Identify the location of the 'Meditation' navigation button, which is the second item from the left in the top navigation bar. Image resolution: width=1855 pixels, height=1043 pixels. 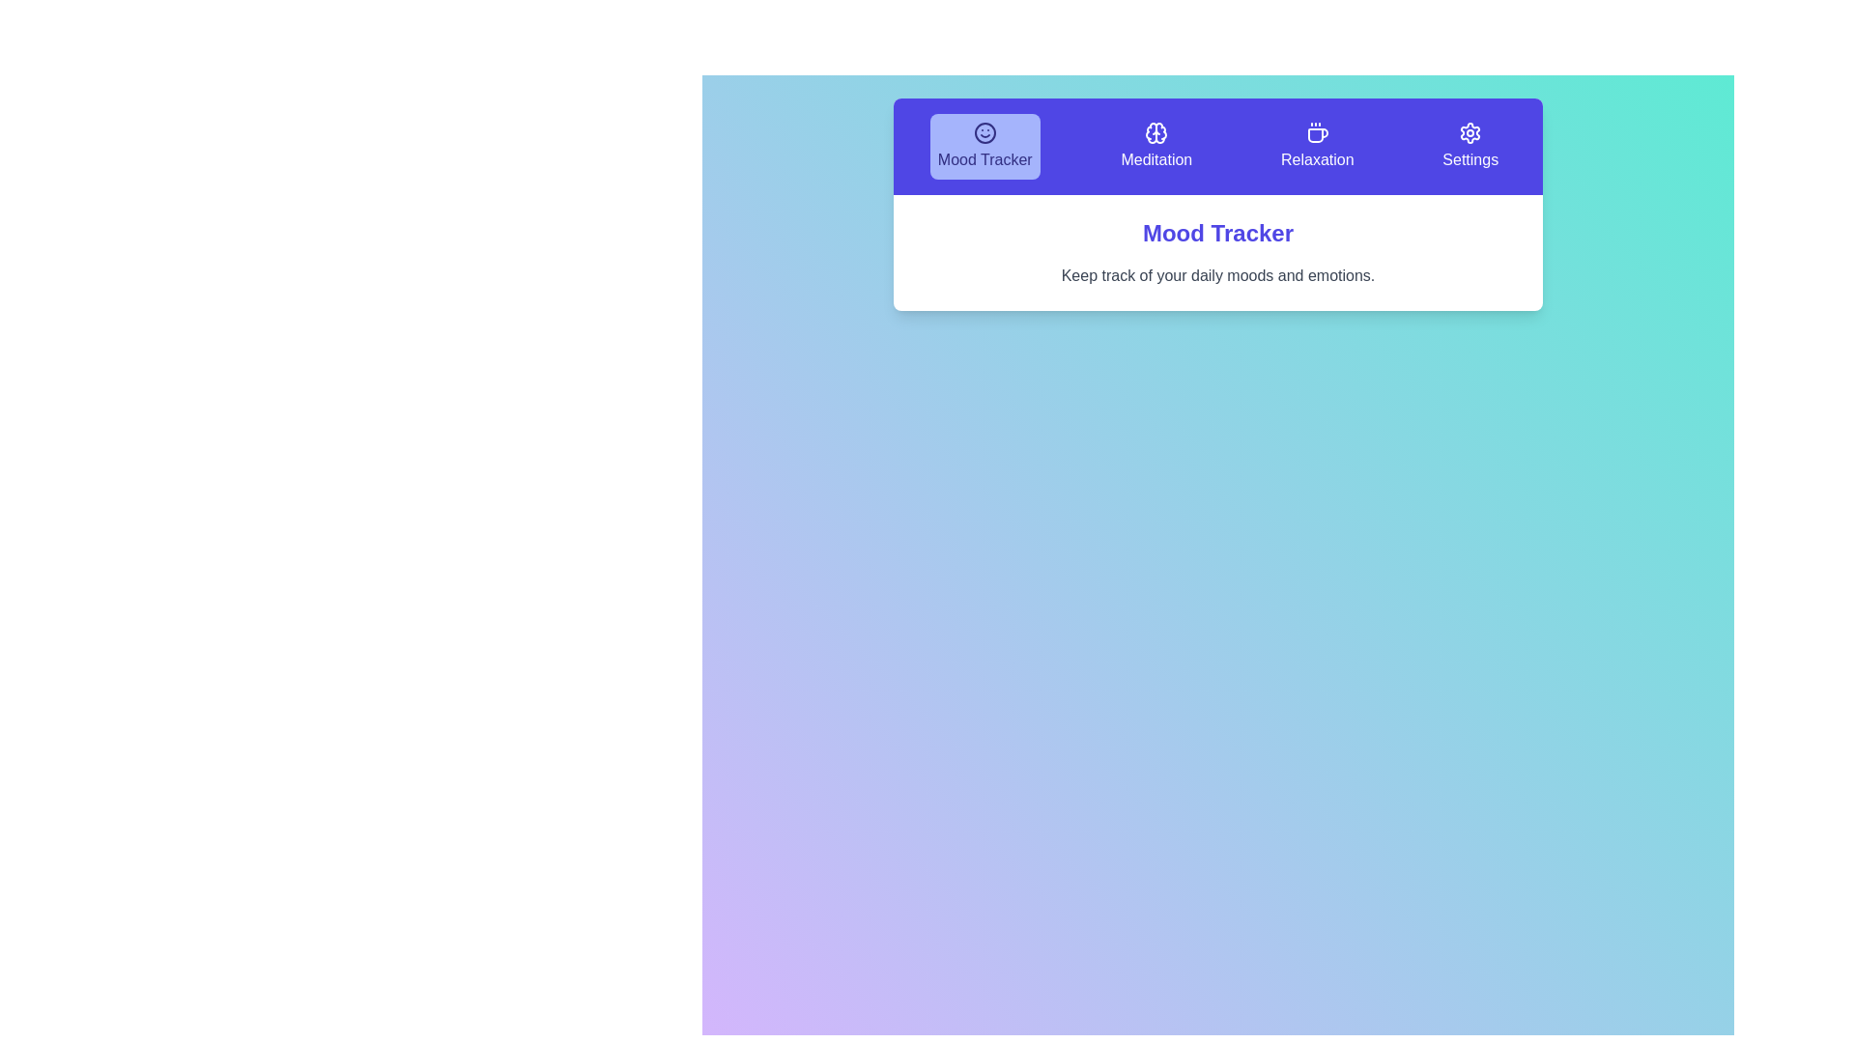
(1156, 158).